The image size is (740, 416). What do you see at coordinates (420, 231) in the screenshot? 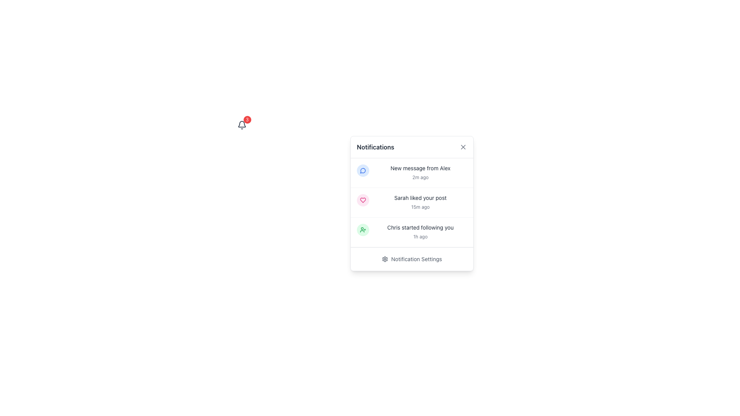
I see `notification text that indicates 'Chris' started to follow the user, positioned as the third item in the notification list` at bounding box center [420, 231].